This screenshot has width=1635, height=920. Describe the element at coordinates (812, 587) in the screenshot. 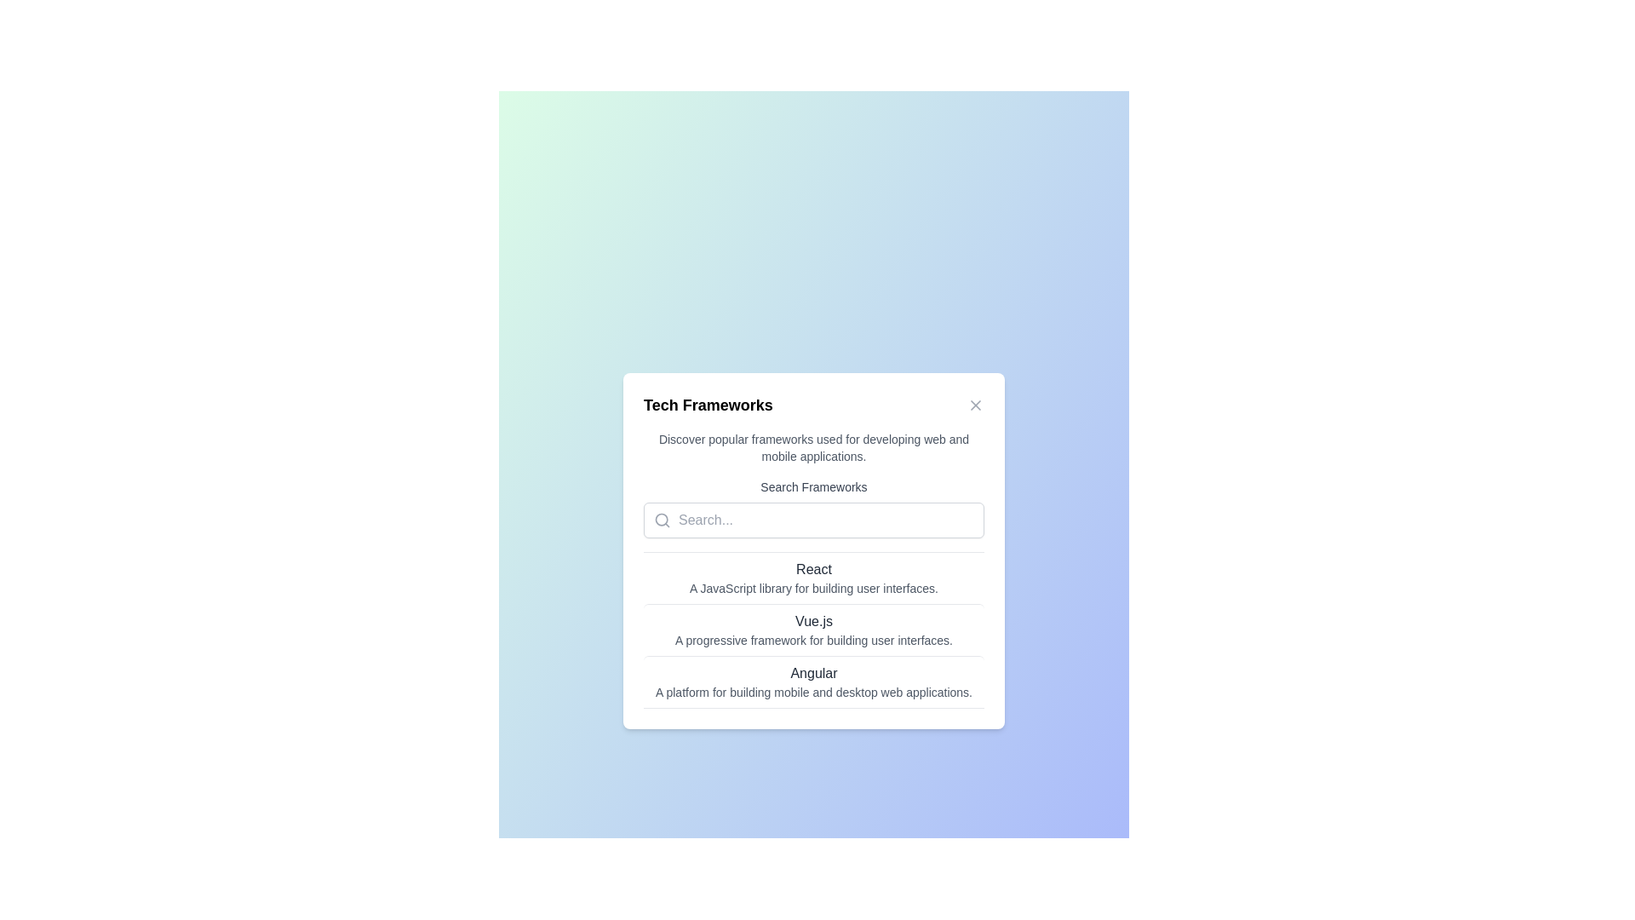

I see `the descriptive text element that provides information about the React framework, which is centrally aligned below the 'React' text element` at that location.